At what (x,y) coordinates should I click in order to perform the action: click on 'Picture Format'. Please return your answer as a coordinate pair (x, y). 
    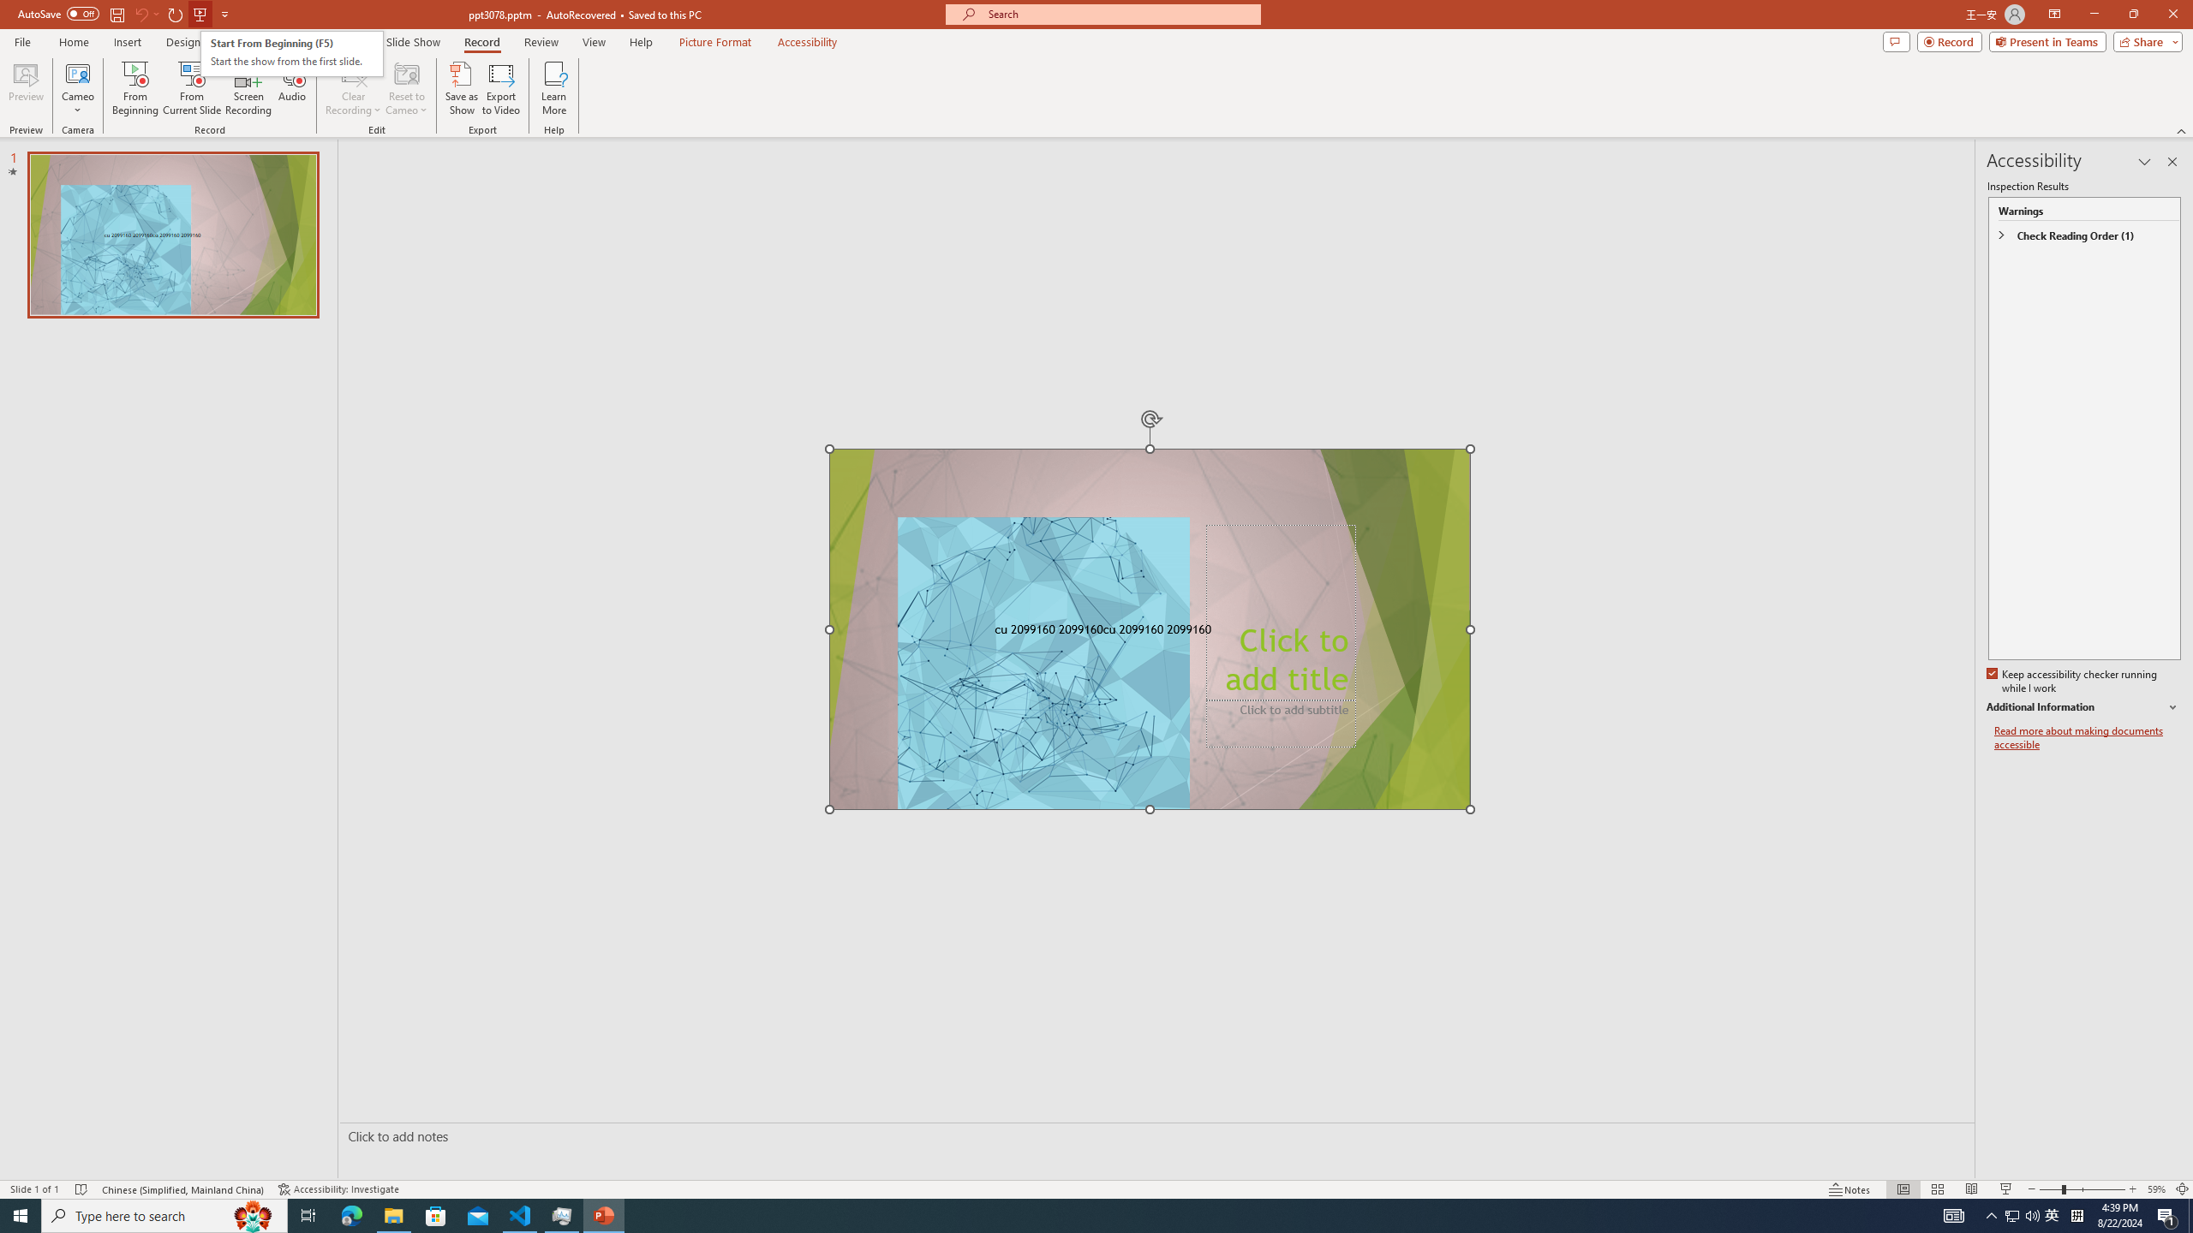
    Looking at the image, I should click on (715, 42).